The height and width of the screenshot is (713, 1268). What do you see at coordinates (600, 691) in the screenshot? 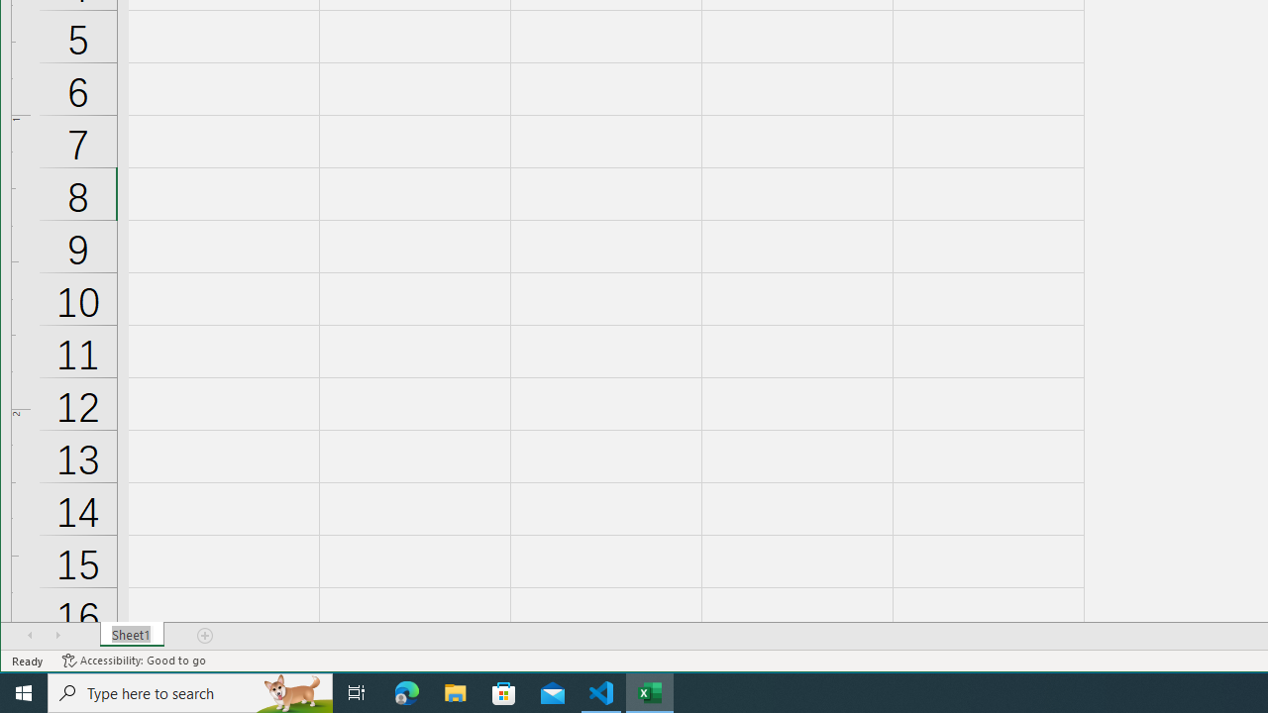
I see `'Visual Studio Code - 1 running window'` at bounding box center [600, 691].